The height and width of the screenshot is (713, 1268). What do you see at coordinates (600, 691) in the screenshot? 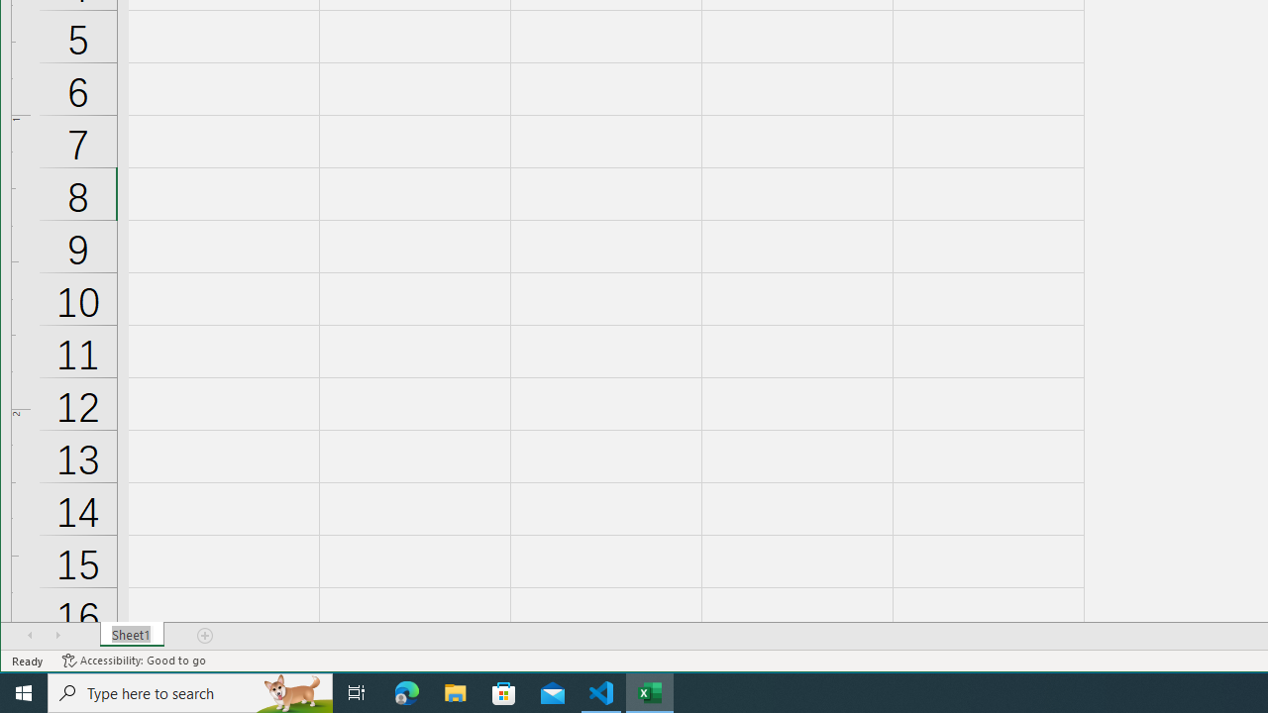
I see `'Visual Studio Code - 1 running window'` at bounding box center [600, 691].